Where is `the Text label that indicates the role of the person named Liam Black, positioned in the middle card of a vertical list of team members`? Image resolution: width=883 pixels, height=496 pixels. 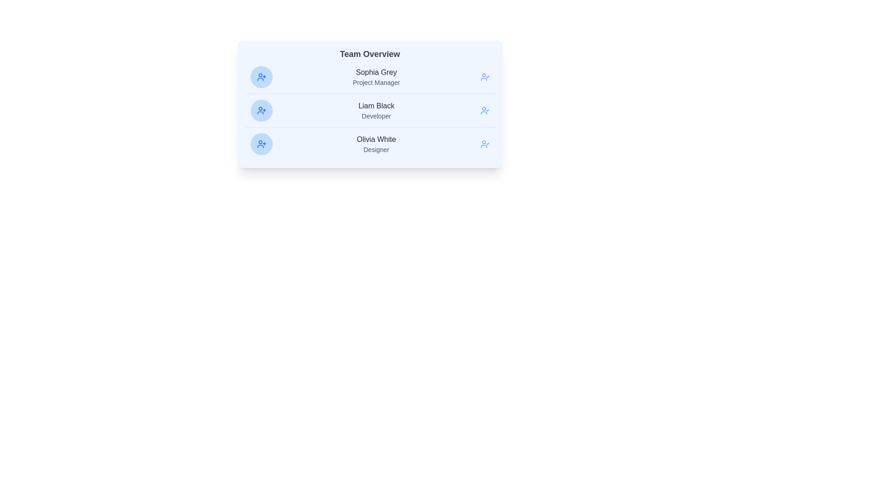
the Text label that indicates the role of the person named Liam Black, positioned in the middle card of a vertical list of team members is located at coordinates (376, 116).